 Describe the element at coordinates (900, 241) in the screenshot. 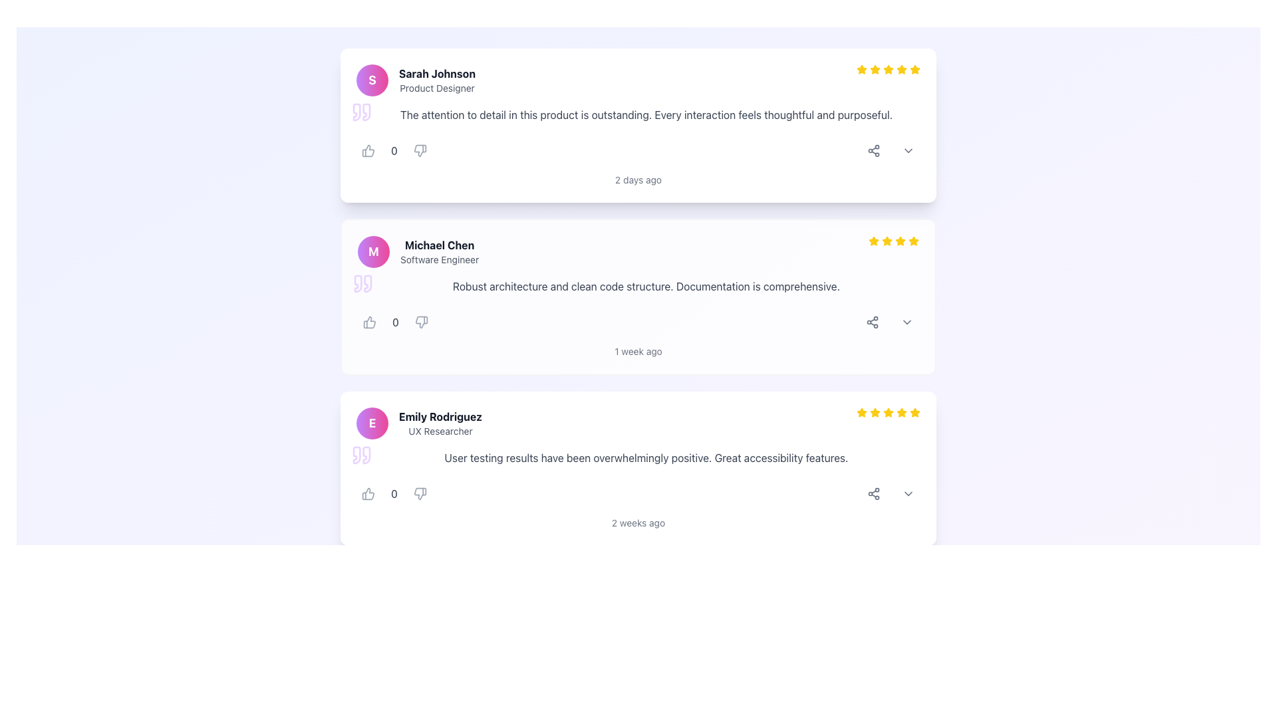

I see `the fourth yellow star icon in the rating system located in the top-right corner of the user feedback card` at that location.